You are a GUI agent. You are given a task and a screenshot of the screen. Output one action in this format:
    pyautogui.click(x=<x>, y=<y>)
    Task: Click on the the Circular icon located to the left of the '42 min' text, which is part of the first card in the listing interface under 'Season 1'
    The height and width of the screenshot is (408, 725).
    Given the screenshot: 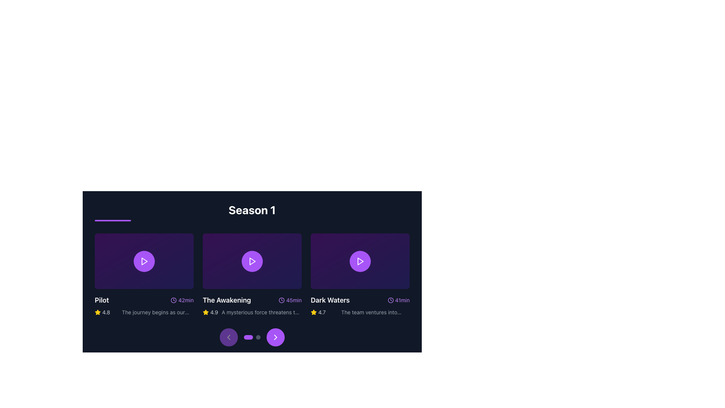 What is the action you would take?
    pyautogui.click(x=173, y=300)
    